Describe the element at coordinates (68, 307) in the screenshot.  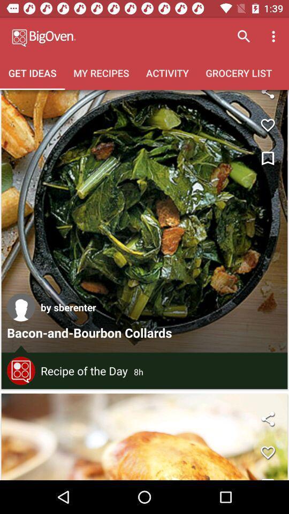
I see `icon above the bacon and bourbon` at that location.